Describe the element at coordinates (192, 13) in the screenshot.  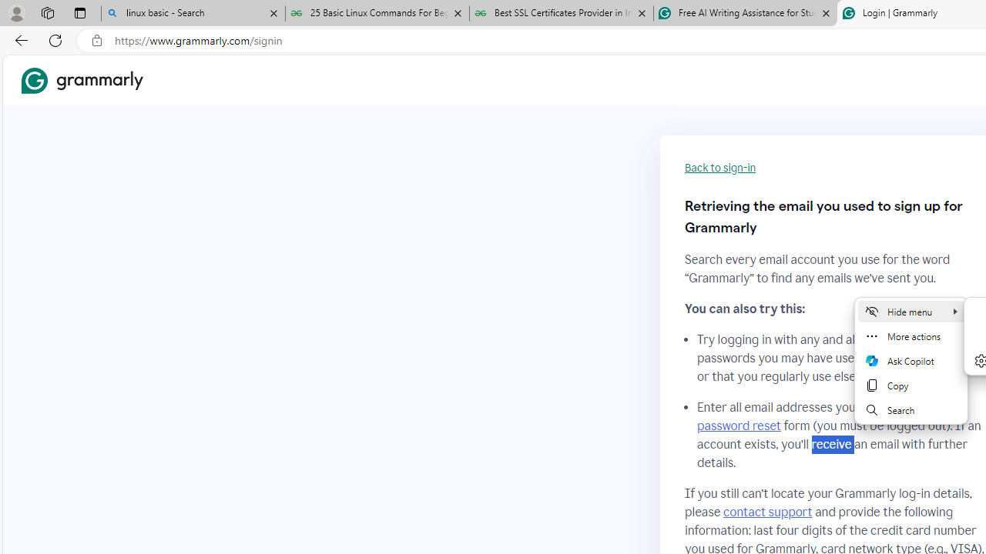
I see `'linux basic - Search'` at that location.